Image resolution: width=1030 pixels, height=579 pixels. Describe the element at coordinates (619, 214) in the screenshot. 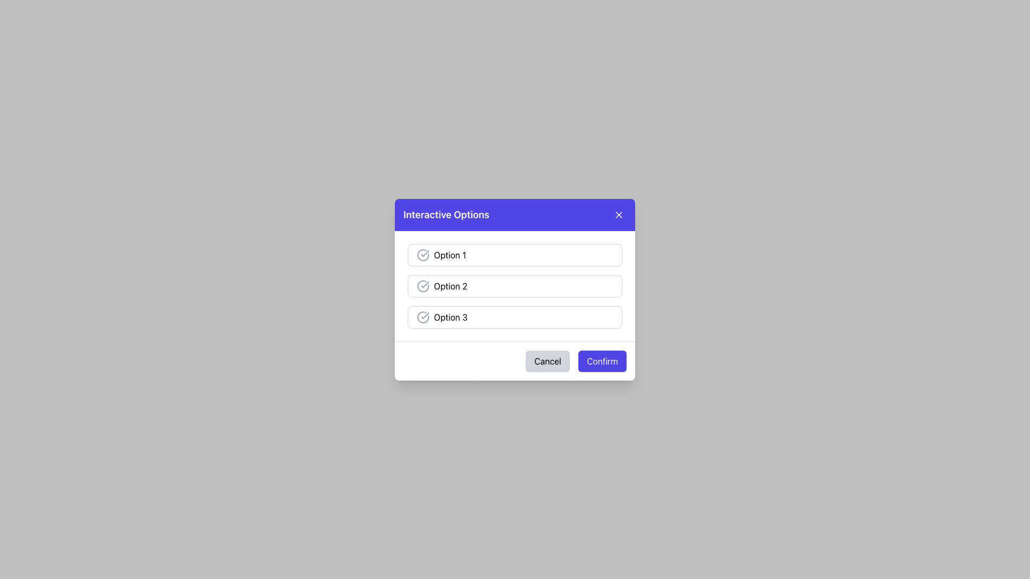

I see `the 'X' shaped icon button with a blue background located in the top-right corner of the modal dialog` at that location.